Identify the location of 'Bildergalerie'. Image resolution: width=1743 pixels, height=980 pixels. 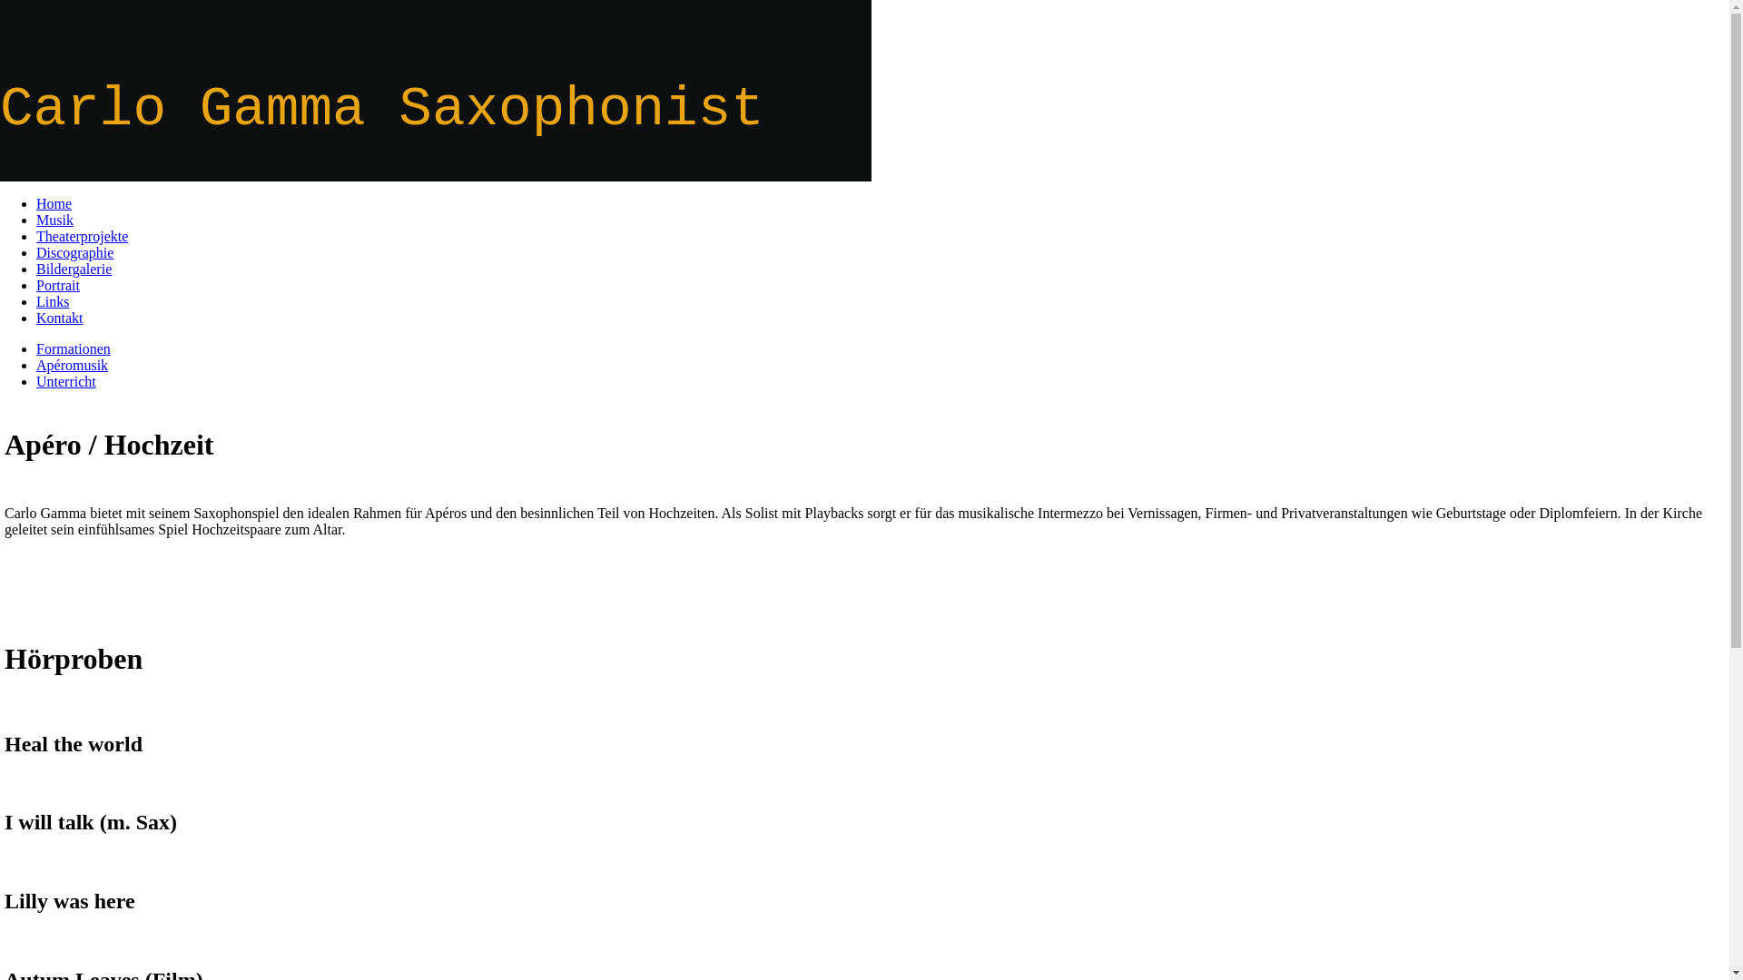
(35, 269).